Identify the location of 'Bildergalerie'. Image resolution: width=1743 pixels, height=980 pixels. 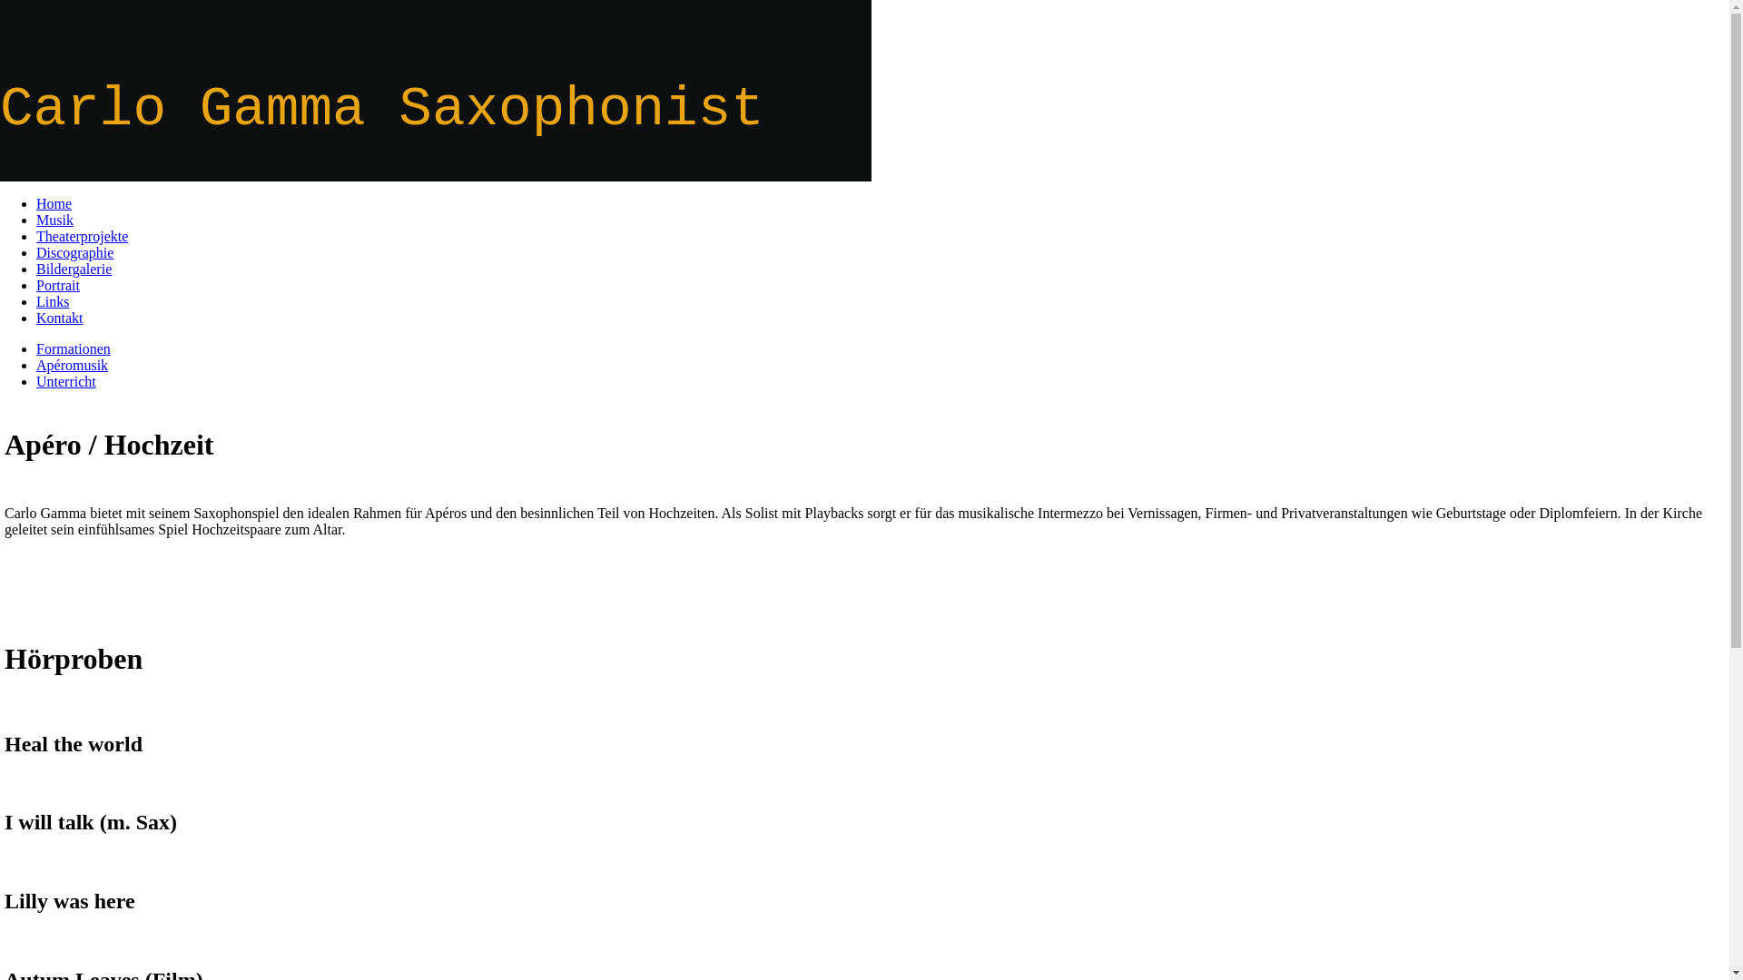
(35, 269).